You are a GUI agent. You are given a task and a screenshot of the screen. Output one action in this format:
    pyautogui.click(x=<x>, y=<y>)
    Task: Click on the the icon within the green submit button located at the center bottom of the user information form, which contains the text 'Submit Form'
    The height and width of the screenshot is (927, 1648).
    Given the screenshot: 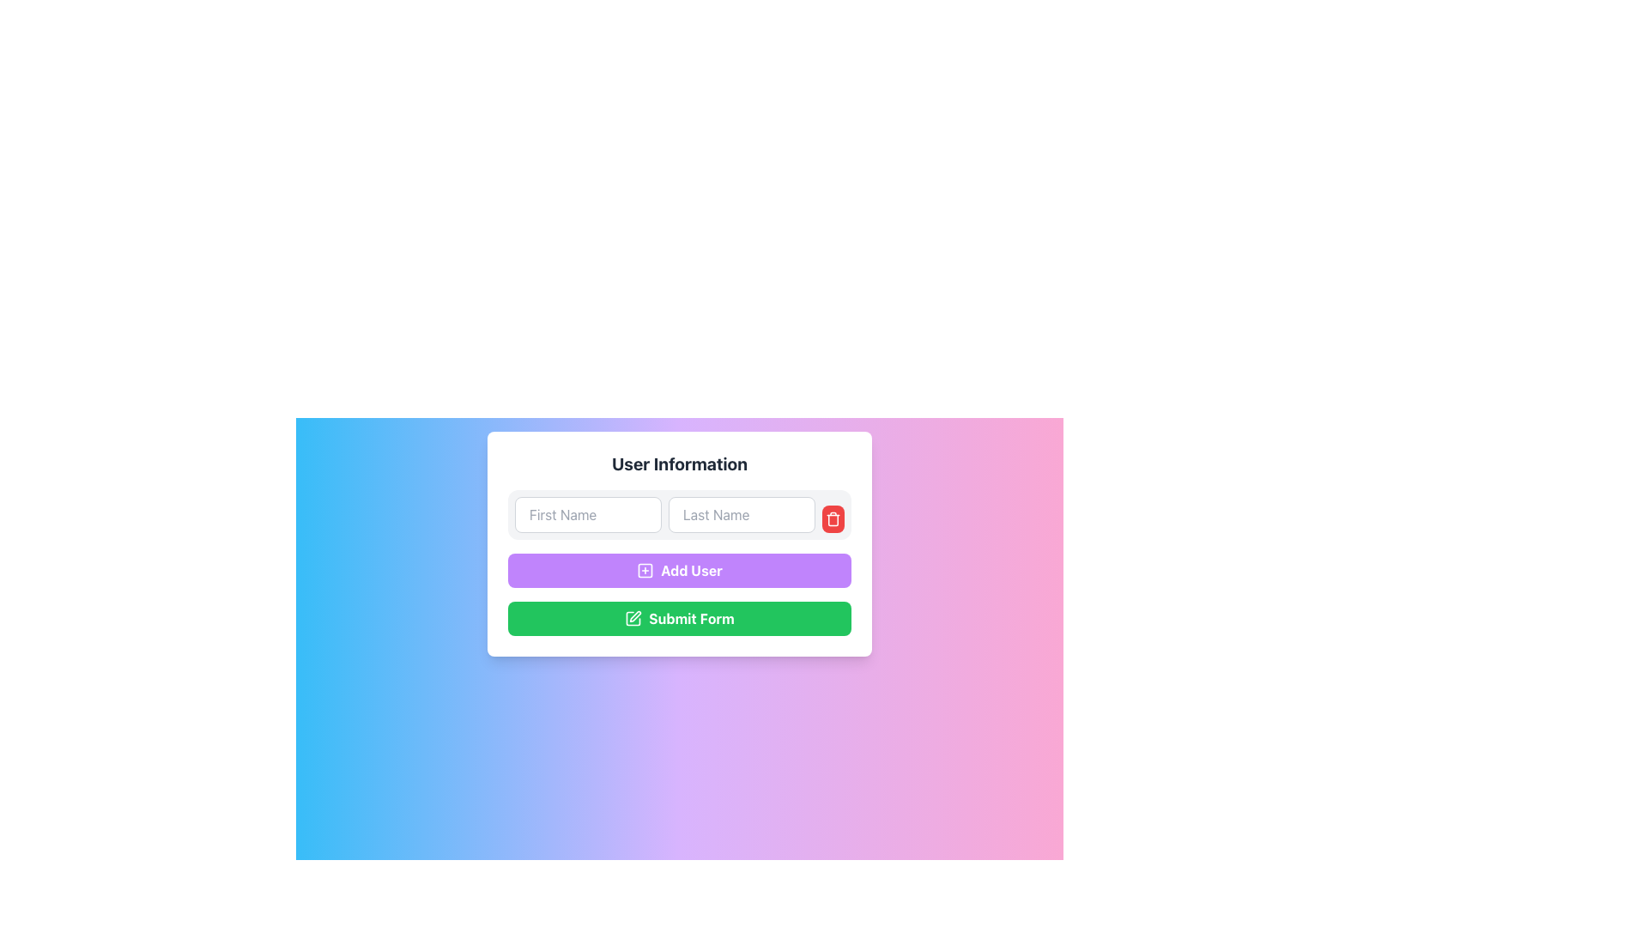 What is the action you would take?
    pyautogui.click(x=634, y=615)
    